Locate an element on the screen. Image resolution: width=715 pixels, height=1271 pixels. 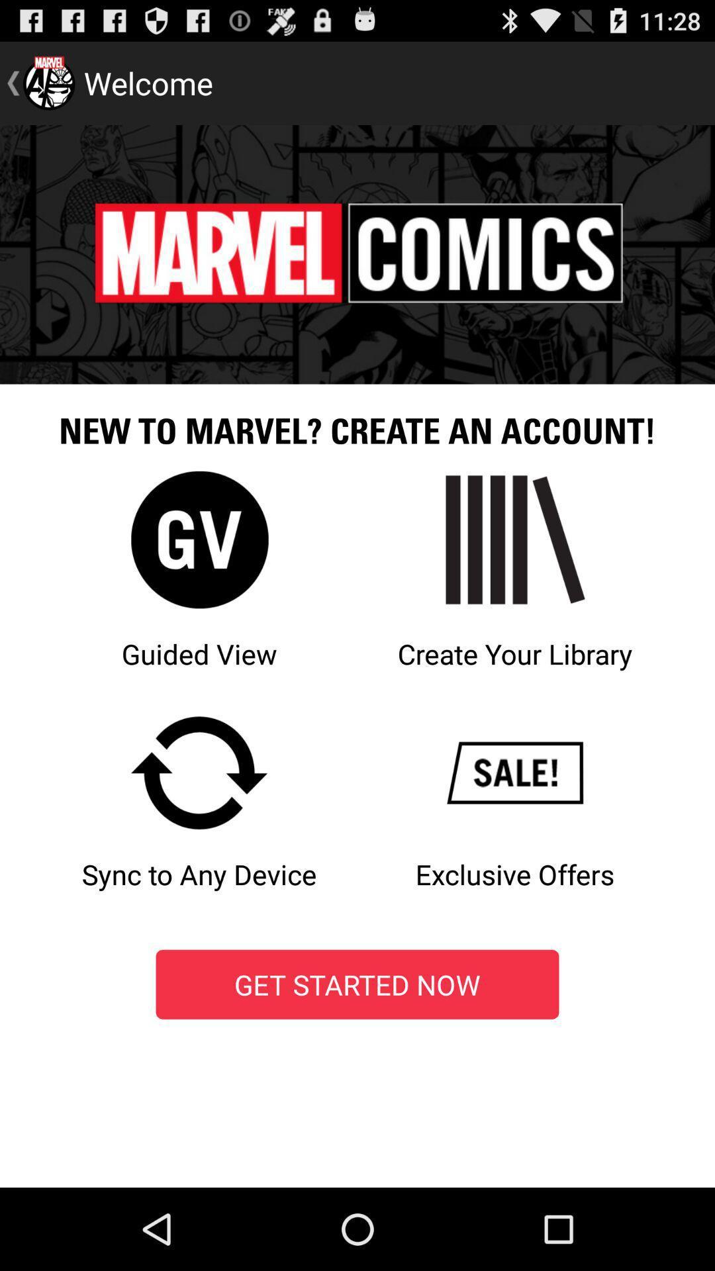
the icon at the bottom is located at coordinates (358, 984).